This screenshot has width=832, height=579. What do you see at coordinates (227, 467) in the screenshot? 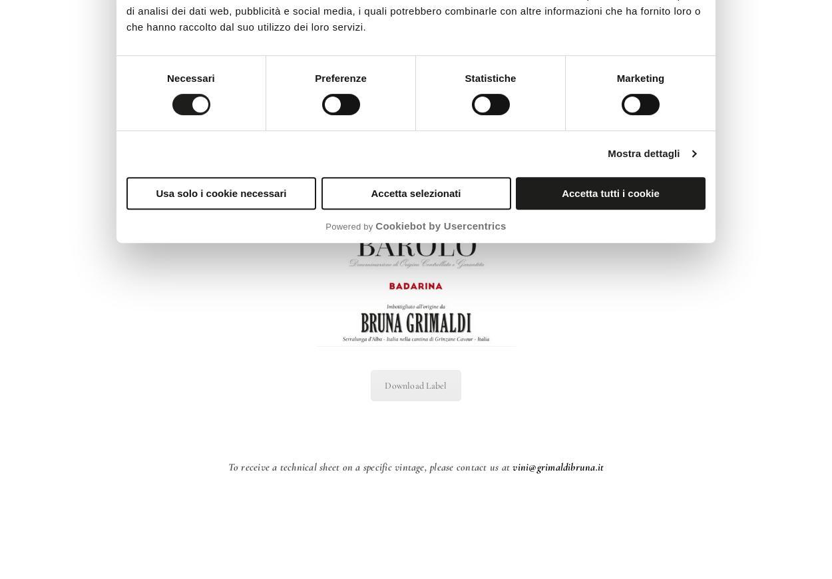
I see `'To receive a technical sheet on a specific vintage, please contact us at'` at bounding box center [227, 467].